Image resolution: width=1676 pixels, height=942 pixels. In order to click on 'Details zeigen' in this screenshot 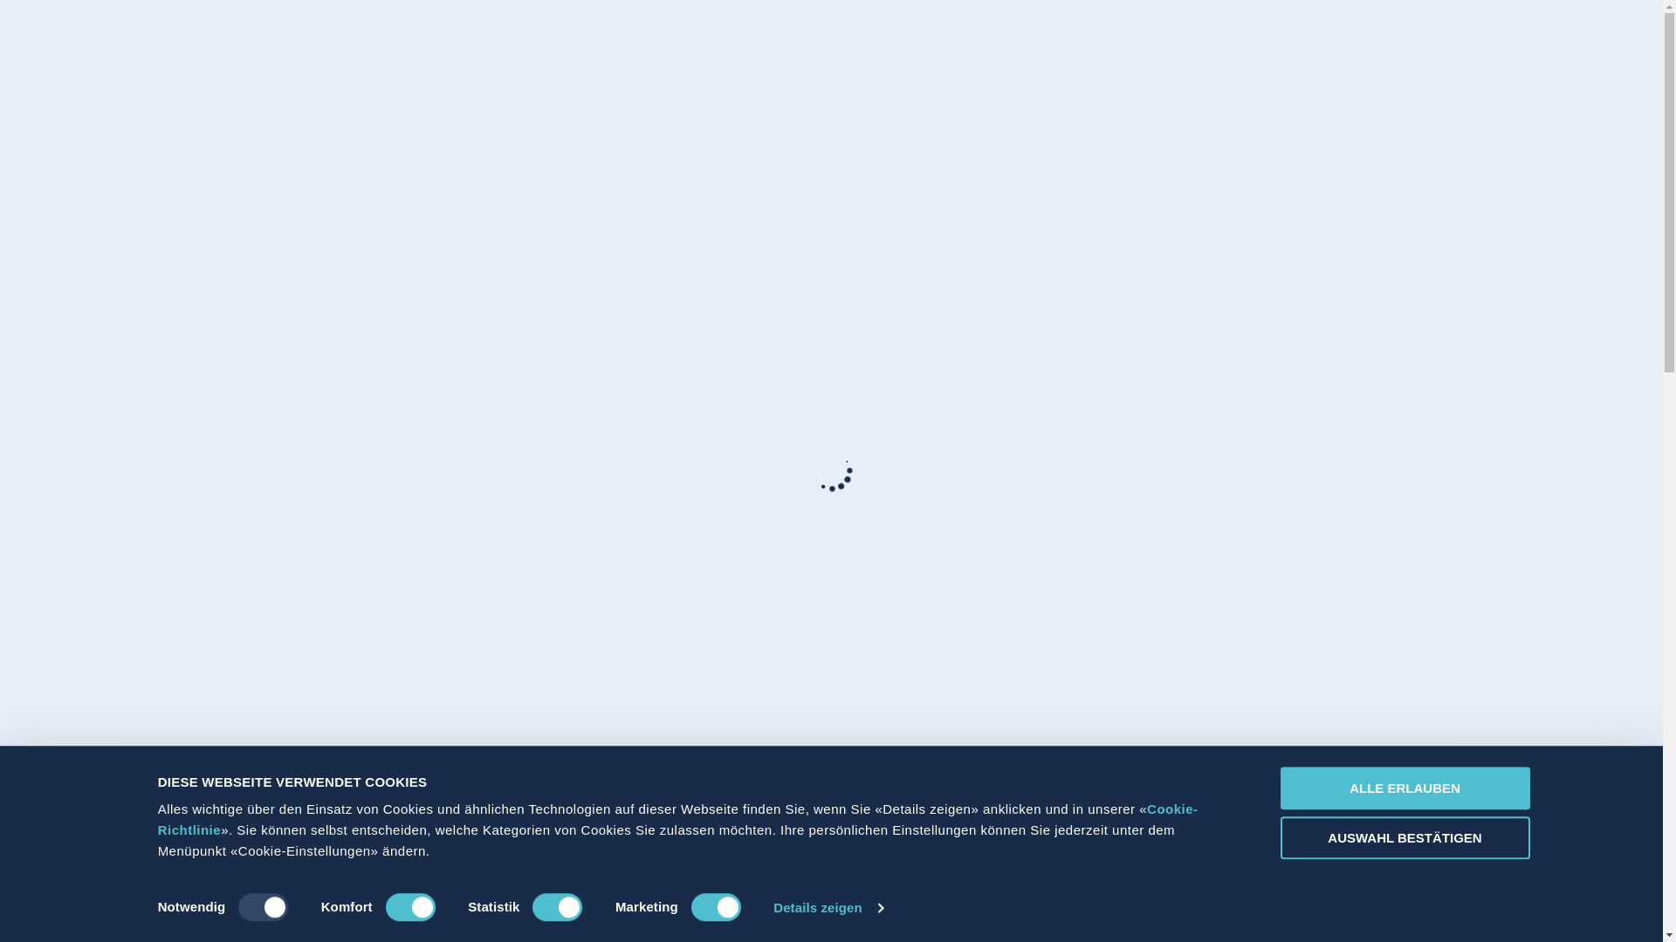, I will do `click(827, 907)`.